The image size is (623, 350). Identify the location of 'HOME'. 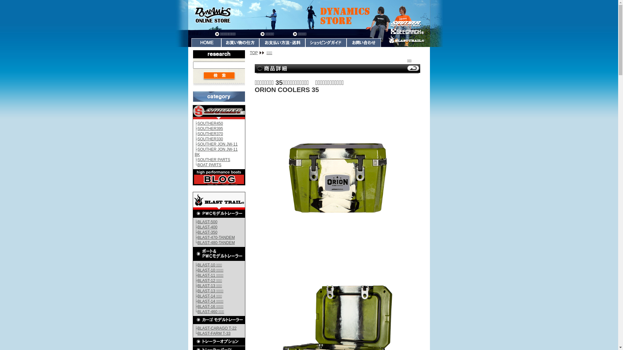
(206, 42).